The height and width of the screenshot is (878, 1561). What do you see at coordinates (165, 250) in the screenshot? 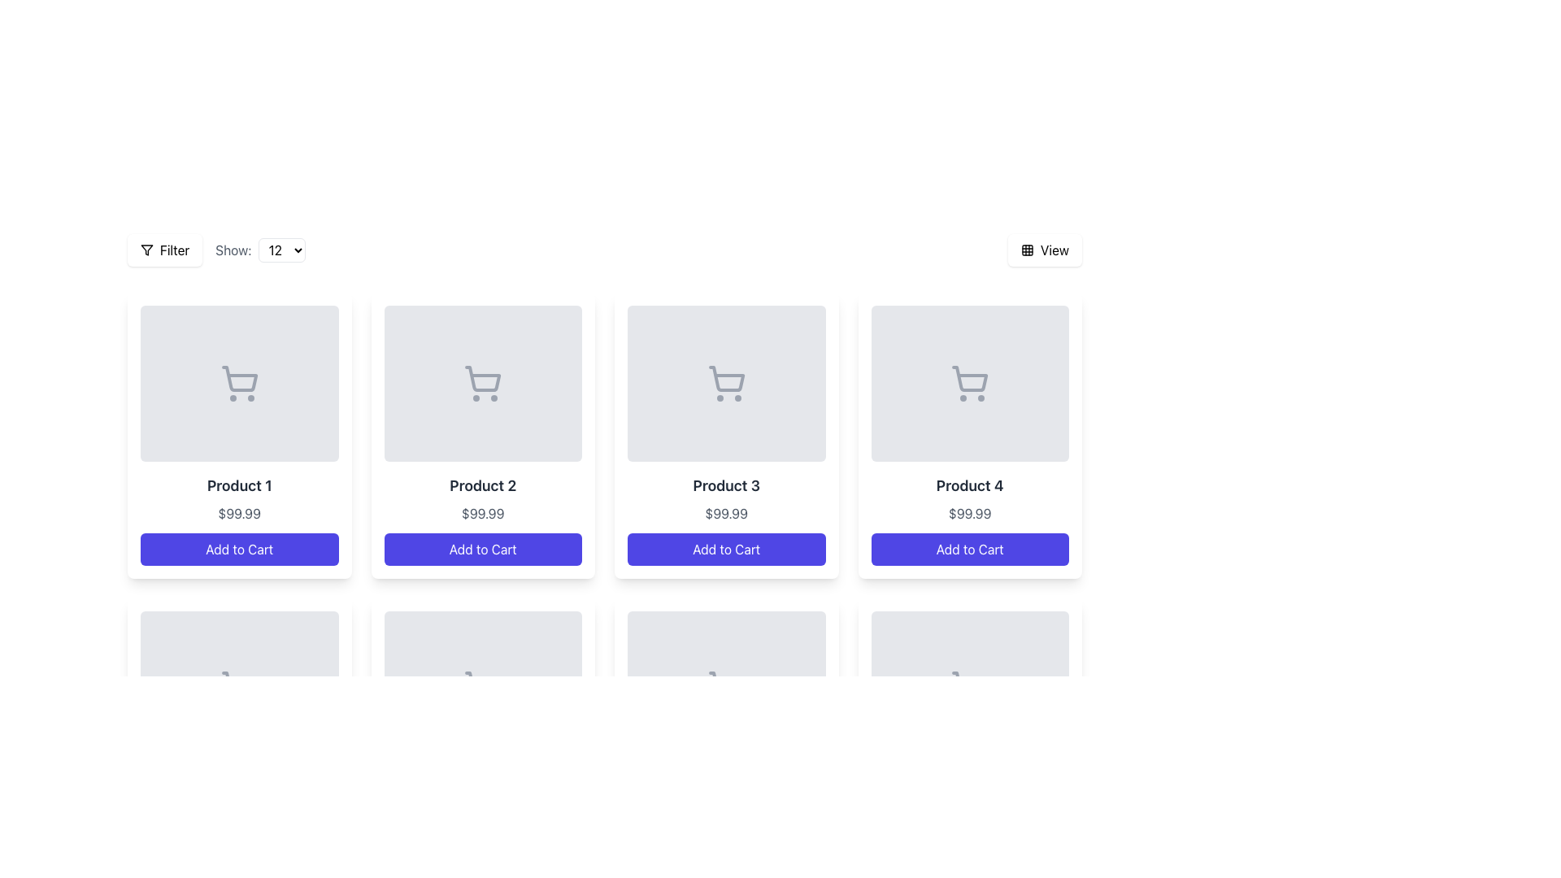
I see `the filter button located to the left of the 'Show' dropdown` at bounding box center [165, 250].